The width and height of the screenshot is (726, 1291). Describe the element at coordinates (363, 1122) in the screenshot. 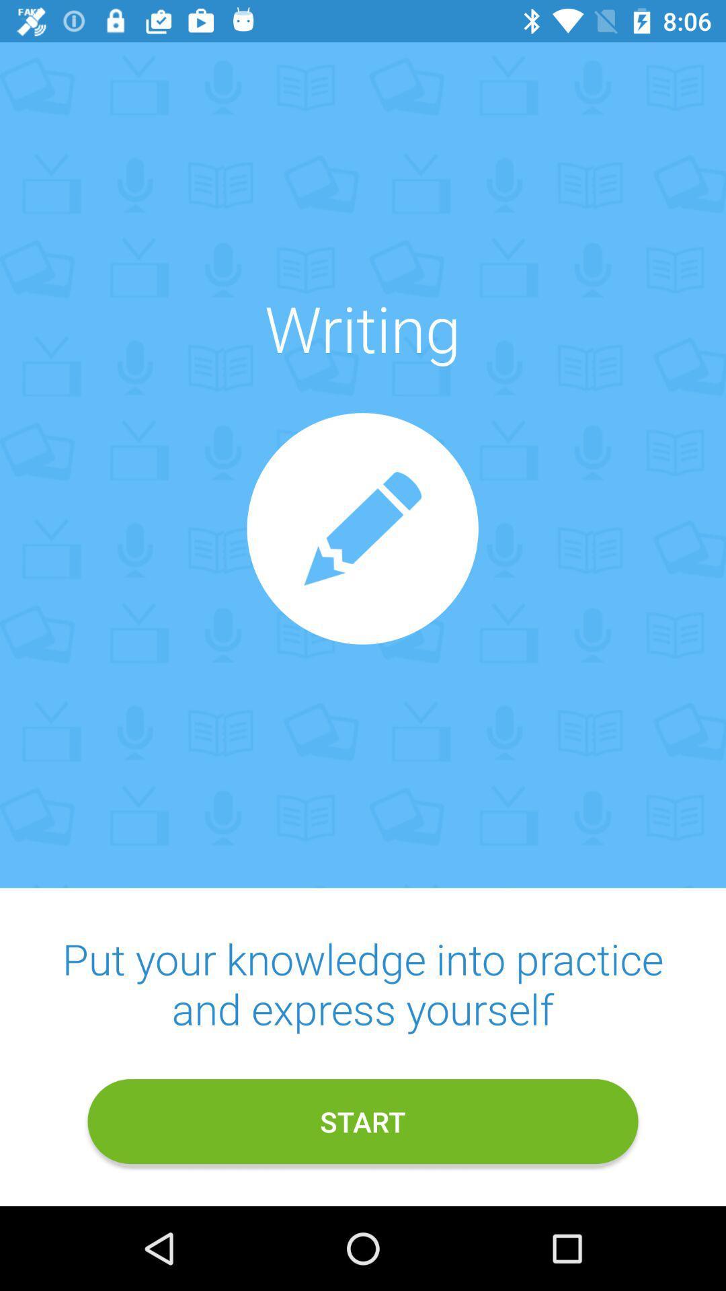

I see `item below the put your knowledge` at that location.